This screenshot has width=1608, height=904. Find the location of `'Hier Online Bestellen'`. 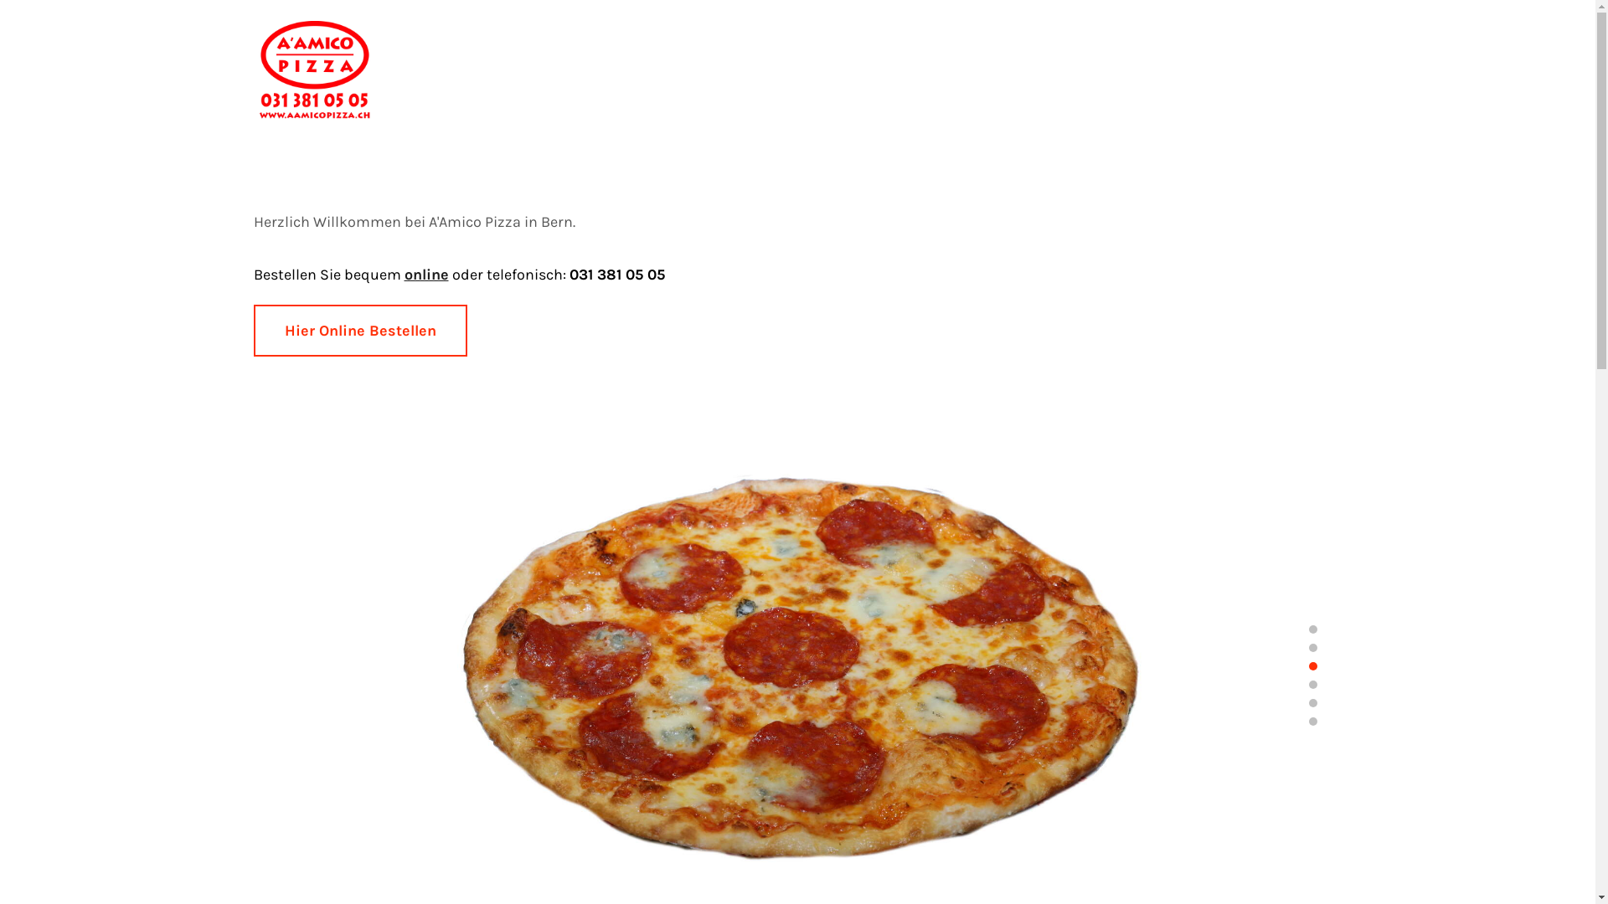

'Hier Online Bestellen' is located at coordinates (358, 330).